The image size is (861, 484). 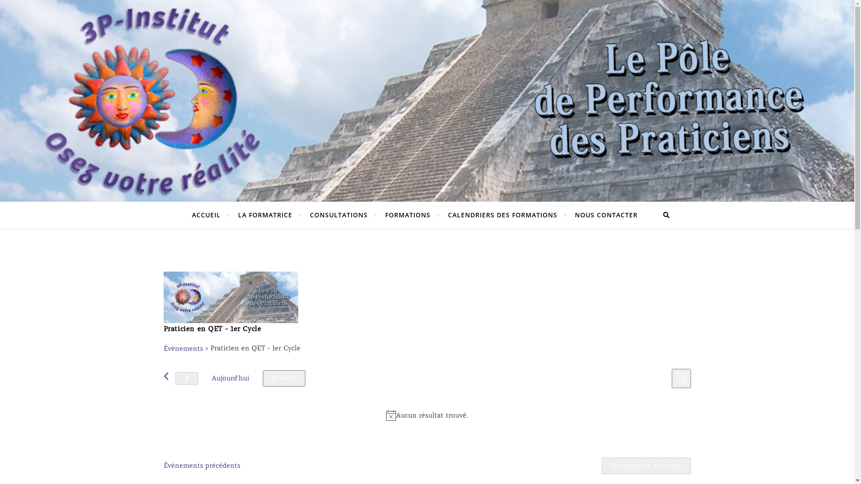 I want to click on 'ACCUEIL', so click(x=209, y=215).